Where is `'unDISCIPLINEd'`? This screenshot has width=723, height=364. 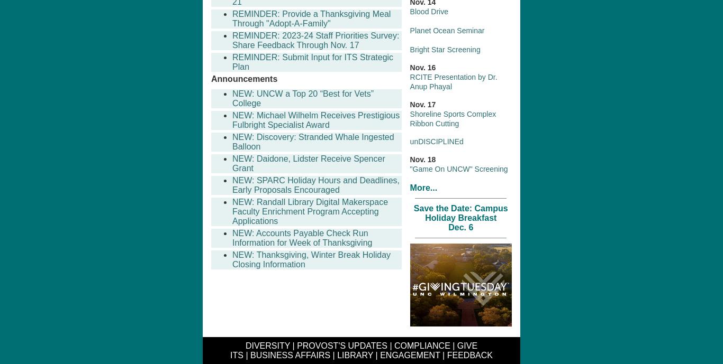 'unDISCIPLINEd' is located at coordinates (436, 141).